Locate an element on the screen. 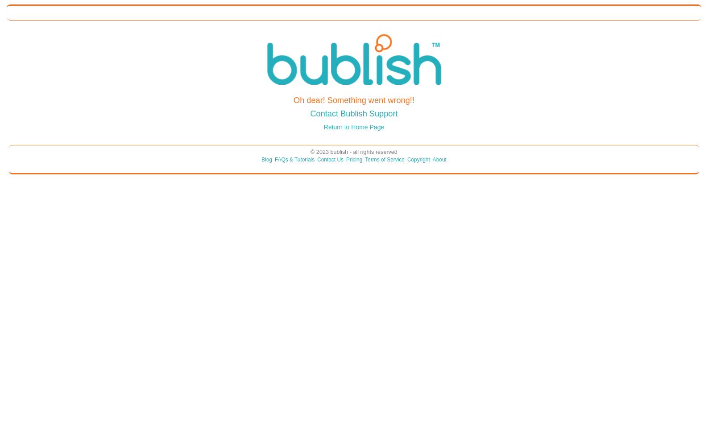 The width and height of the screenshot is (708, 446). 'Contact Us' is located at coordinates (330, 159).